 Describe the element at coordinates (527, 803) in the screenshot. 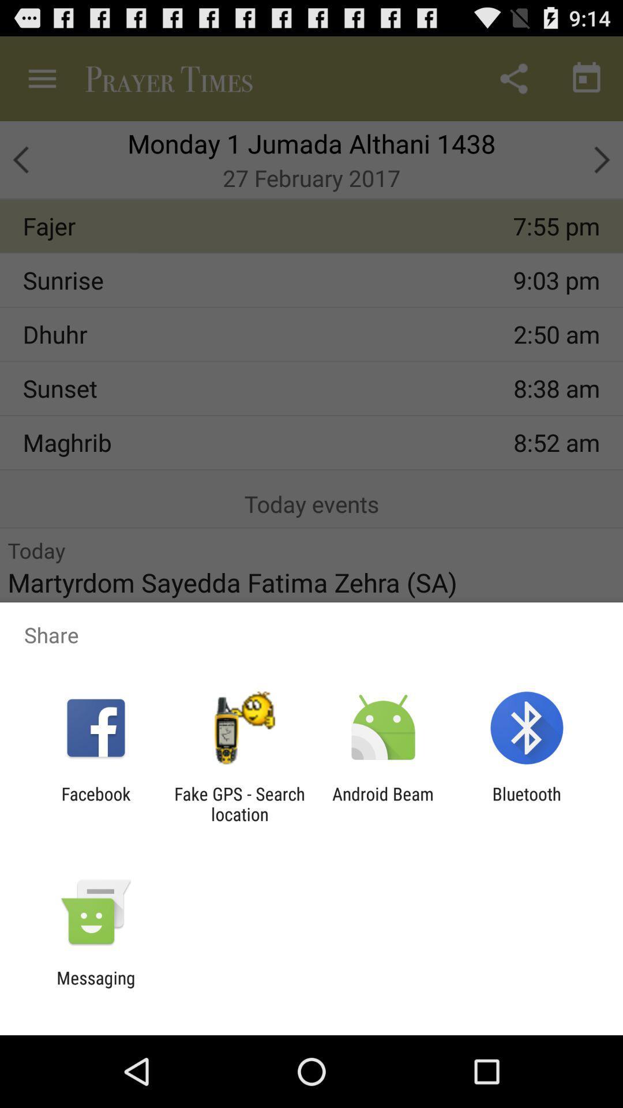

I see `the icon at the bottom right corner` at that location.